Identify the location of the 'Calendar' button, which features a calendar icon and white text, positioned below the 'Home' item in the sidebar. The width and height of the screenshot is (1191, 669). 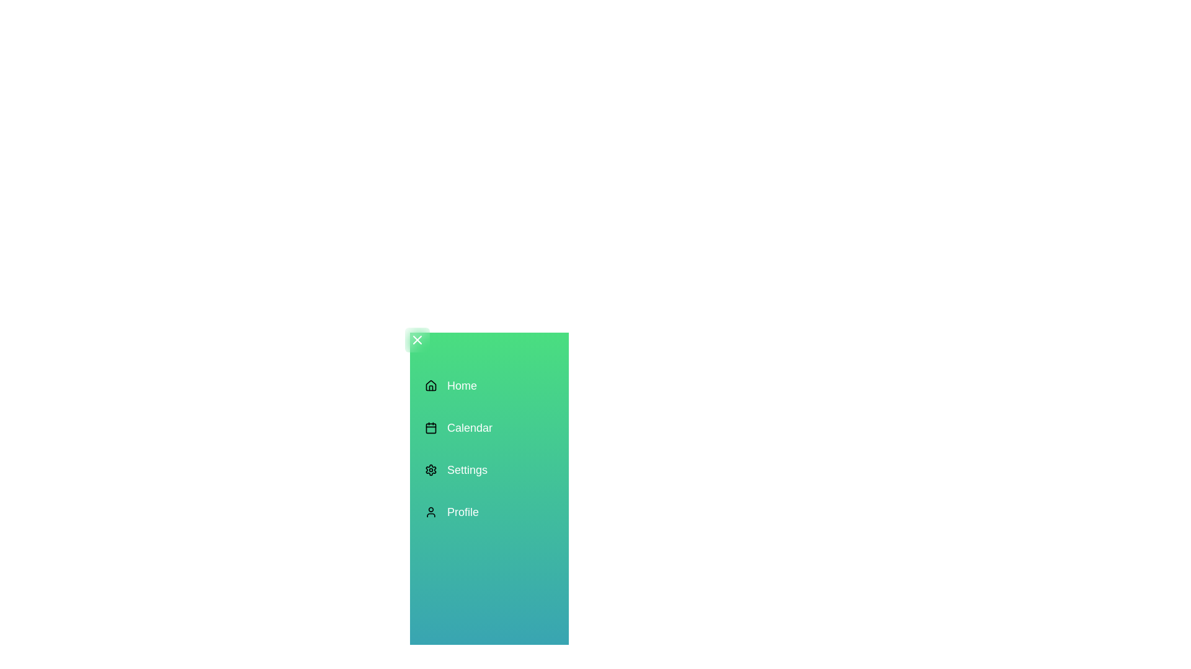
(458, 427).